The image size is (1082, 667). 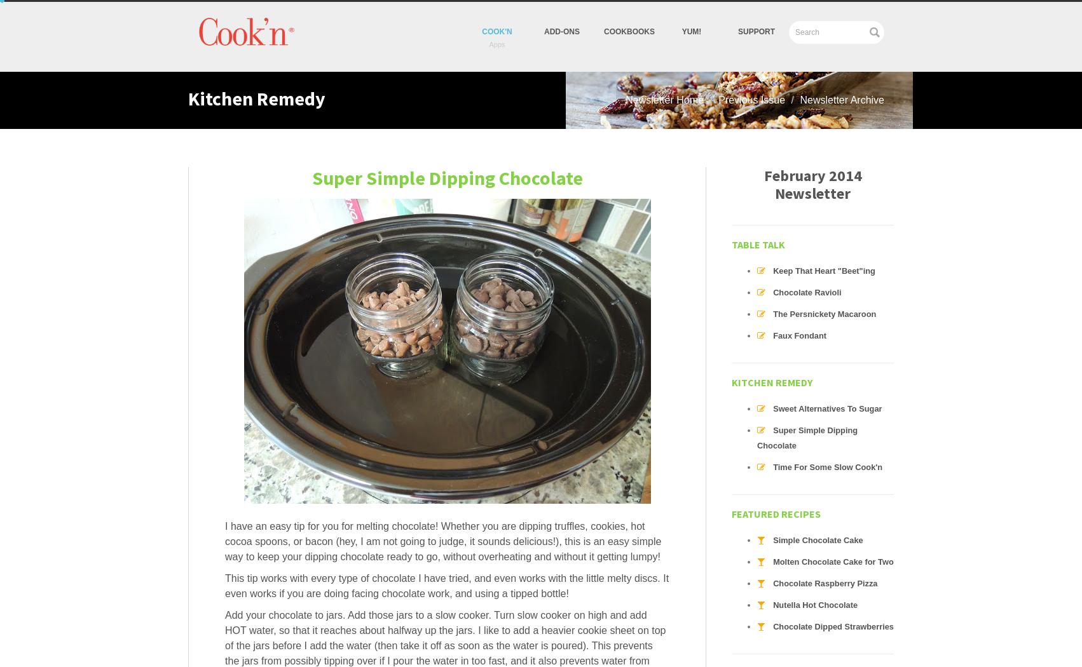 I want to click on 'Nutella Hot Chocolate', so click(x=814, y=604).